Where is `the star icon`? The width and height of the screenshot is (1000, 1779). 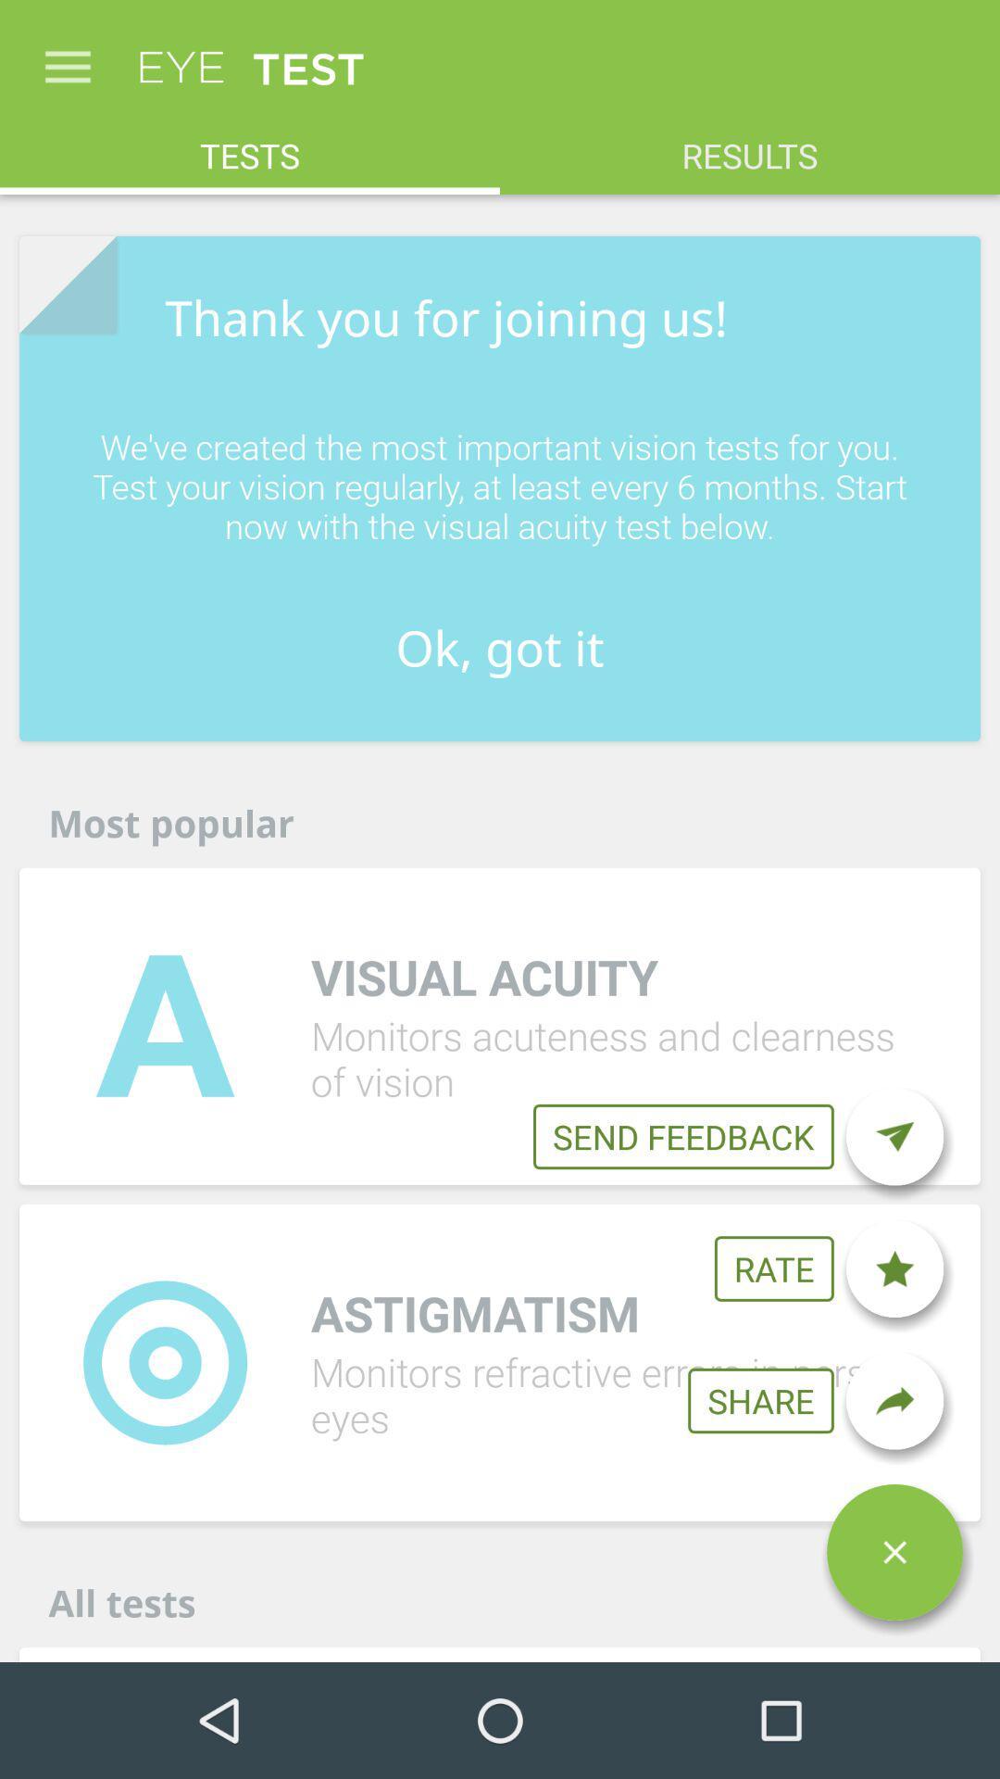 the star icon is located at coordinates (894, 1268).